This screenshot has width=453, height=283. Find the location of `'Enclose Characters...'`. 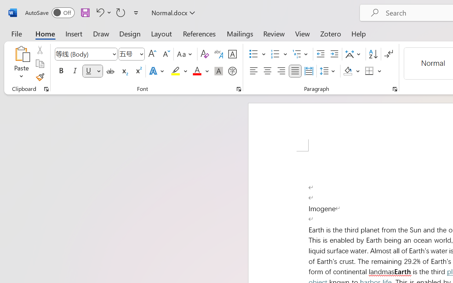

'Enclose Characters...' is located at coordinates (232, 71).